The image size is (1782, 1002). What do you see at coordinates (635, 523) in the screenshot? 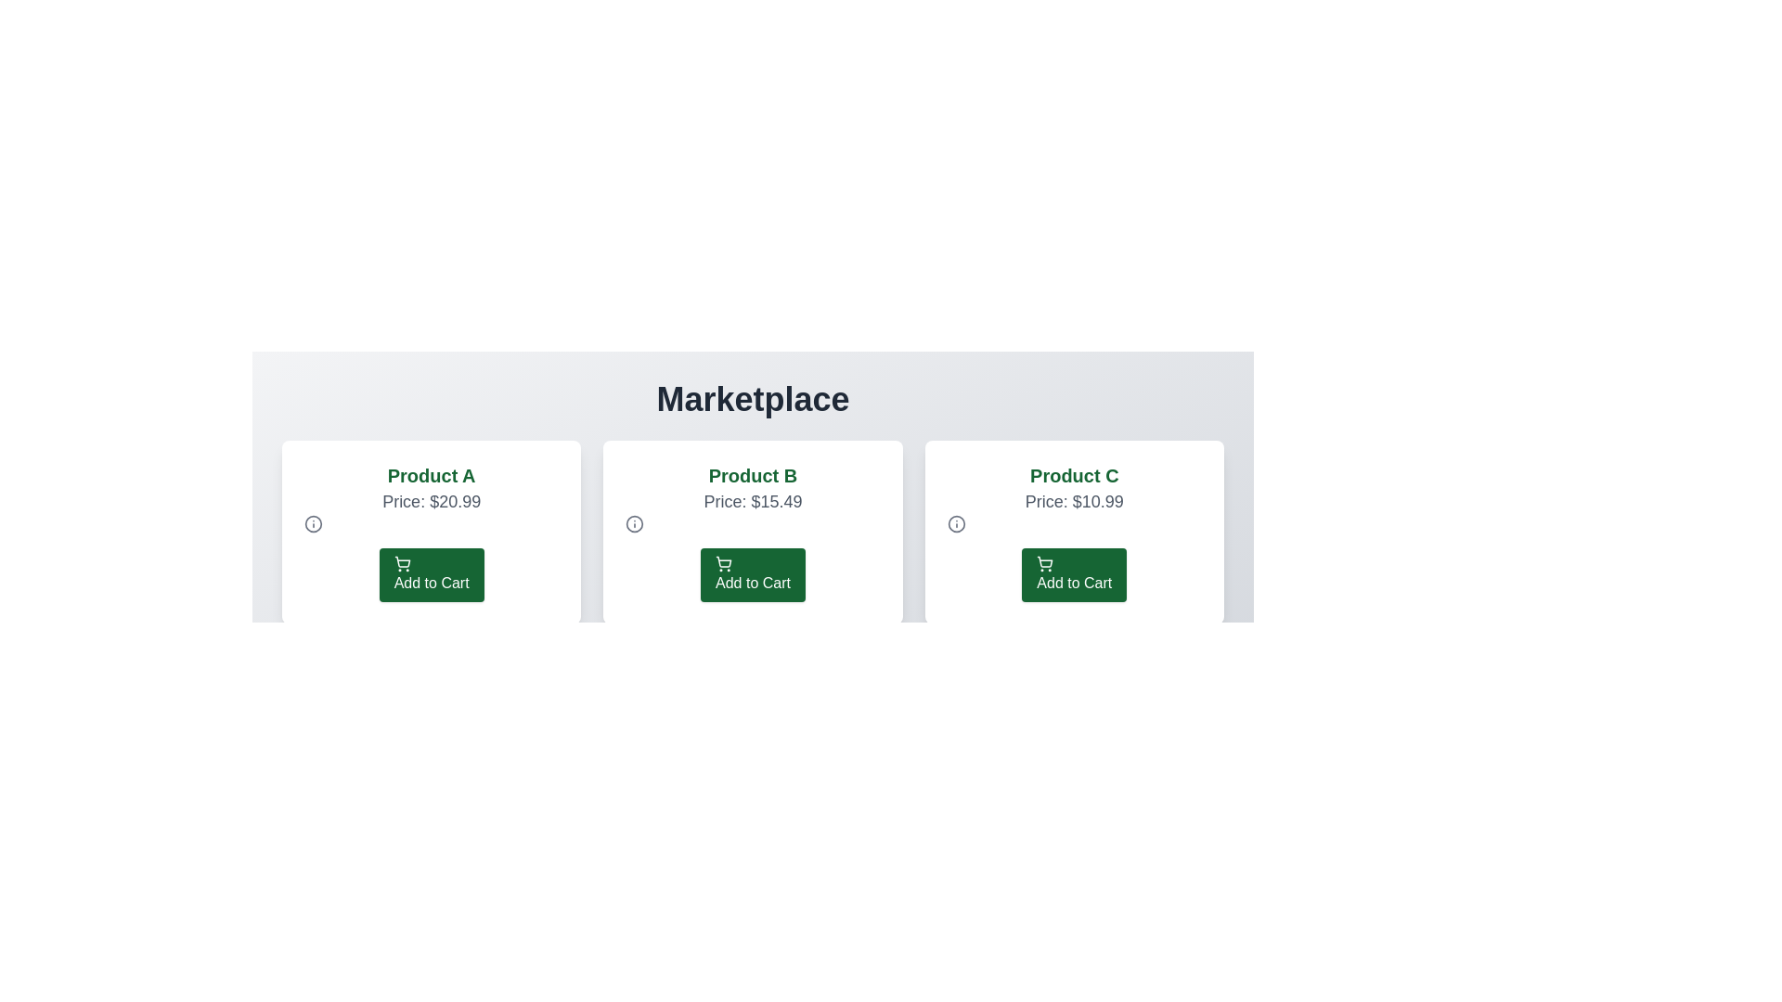
I see `the decorative or informative graphical icon located to the left side of the 'Product B' section in the marketplace interface` at bounding box center [635, 523].